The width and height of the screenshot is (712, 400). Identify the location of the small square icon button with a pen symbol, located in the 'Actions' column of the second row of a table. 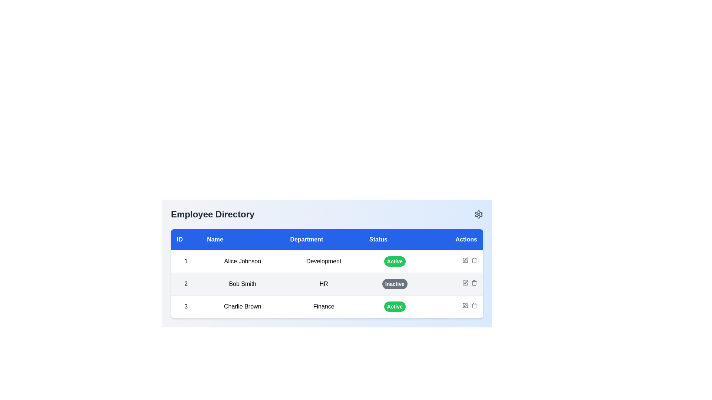
(465, 260).